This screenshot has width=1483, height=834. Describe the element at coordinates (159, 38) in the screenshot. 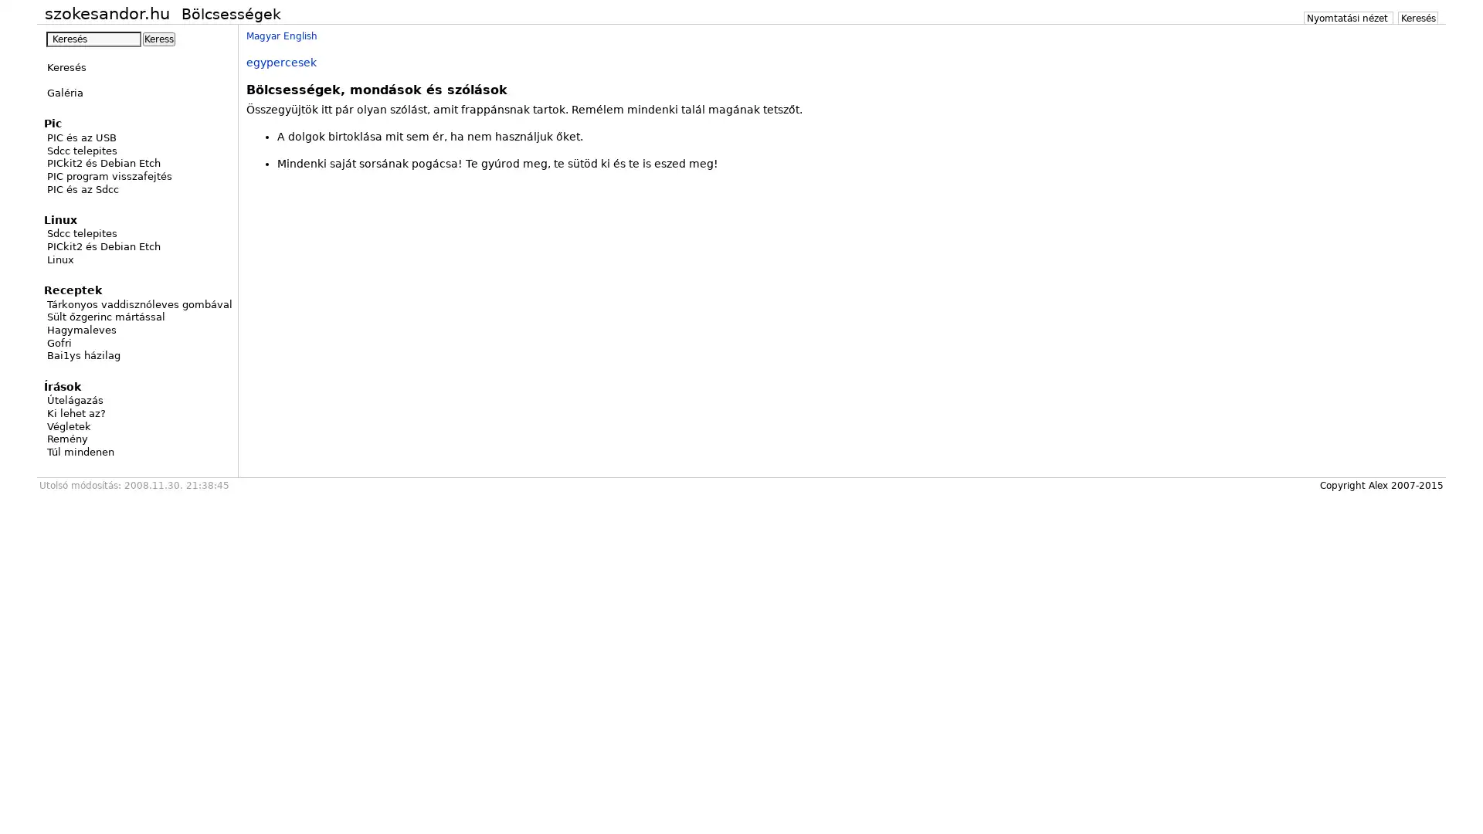

I see `Keress` at that location.